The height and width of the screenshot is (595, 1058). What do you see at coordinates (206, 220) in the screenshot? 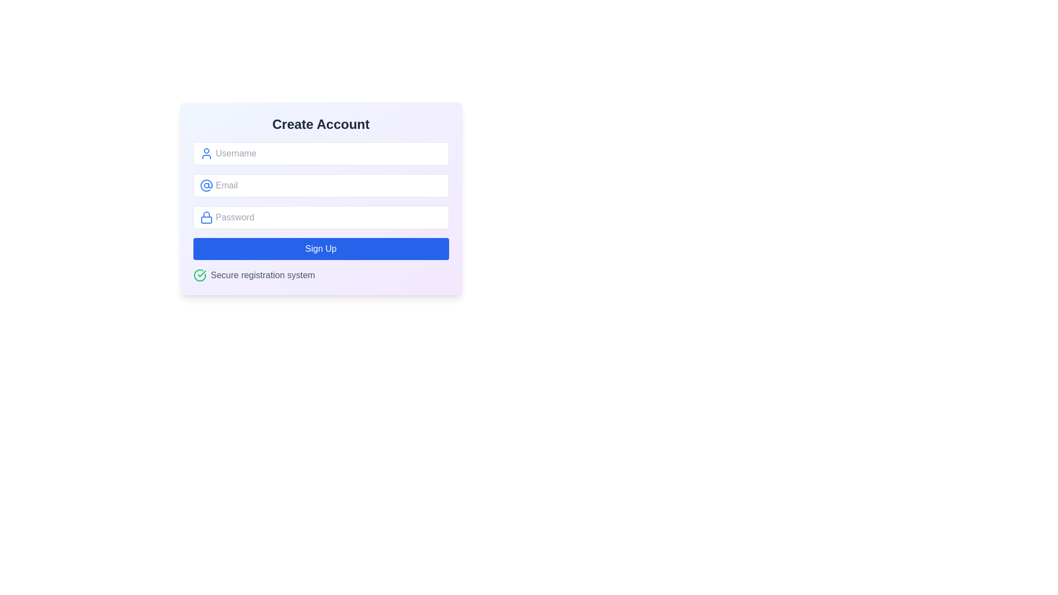
I see `the main body of the lock icon located to the left of the 'Password' input field, which reinforces the concept of security` at bounding box center [206, 220].